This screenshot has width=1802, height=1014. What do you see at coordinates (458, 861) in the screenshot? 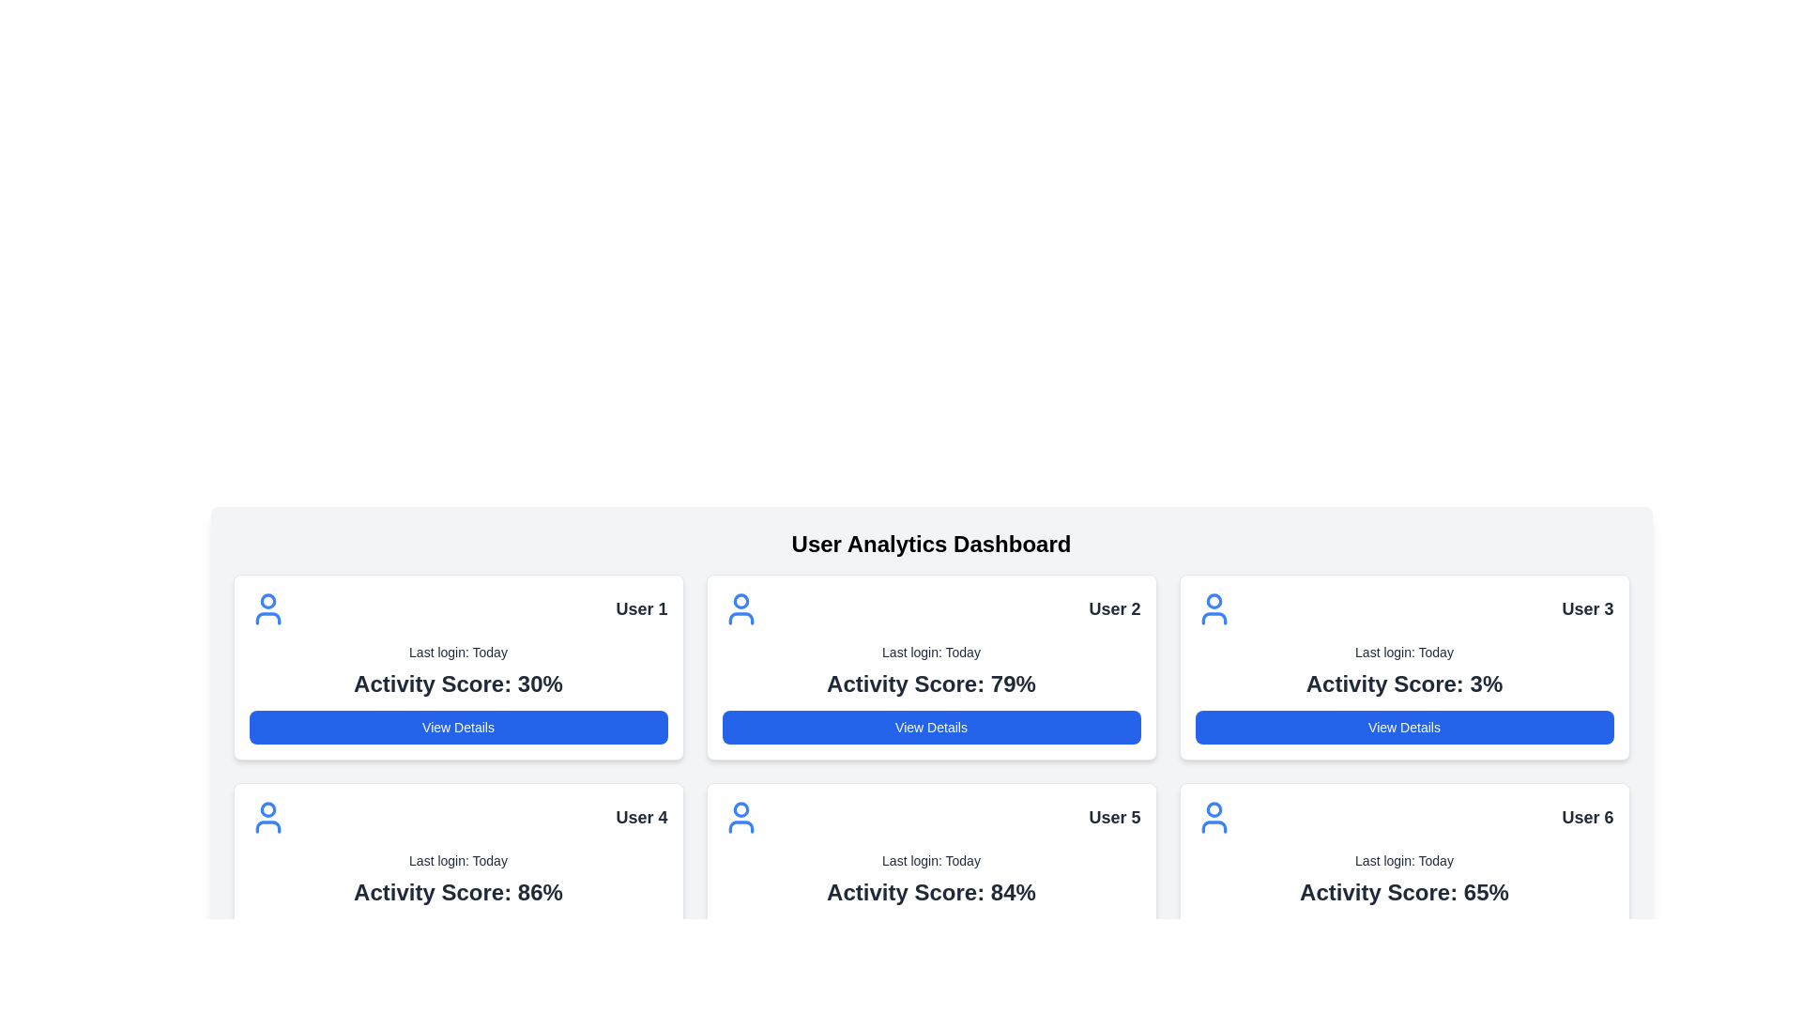
I see `the static Text Label that provides contextual information about User 4's last login activity, positioned above the Activity Score section` at bounding box center [458, 861].